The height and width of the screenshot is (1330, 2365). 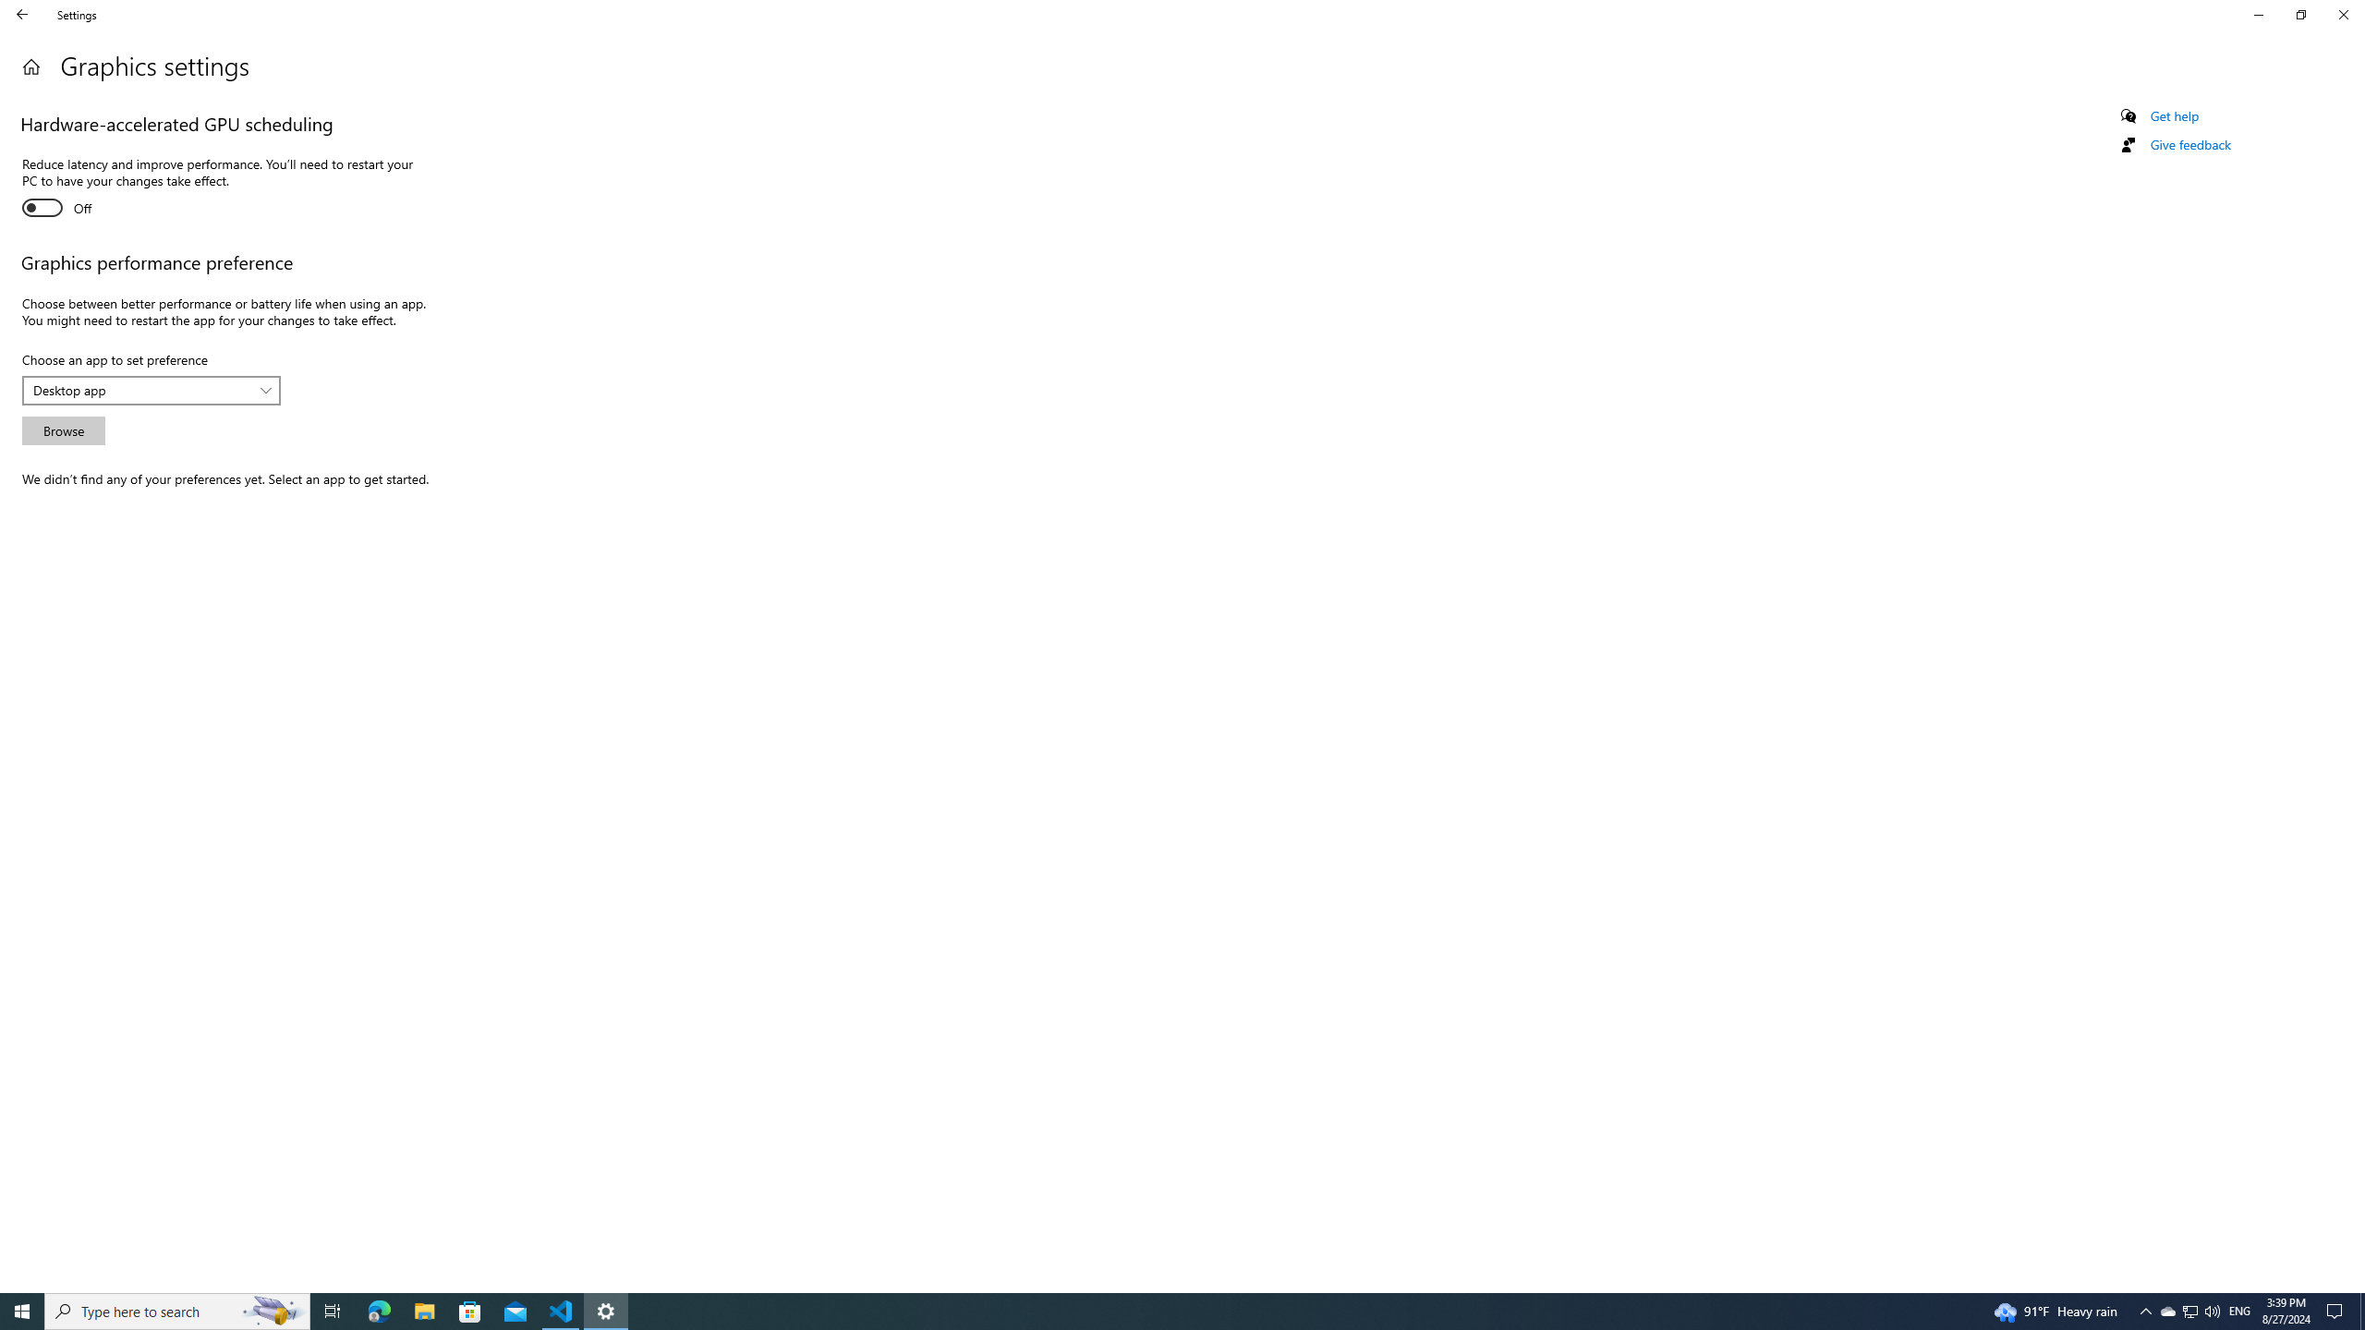 What do you see at coordinates (22, 14) in the screenshot?
I see `'Back'` at bounding box center [22, 14].